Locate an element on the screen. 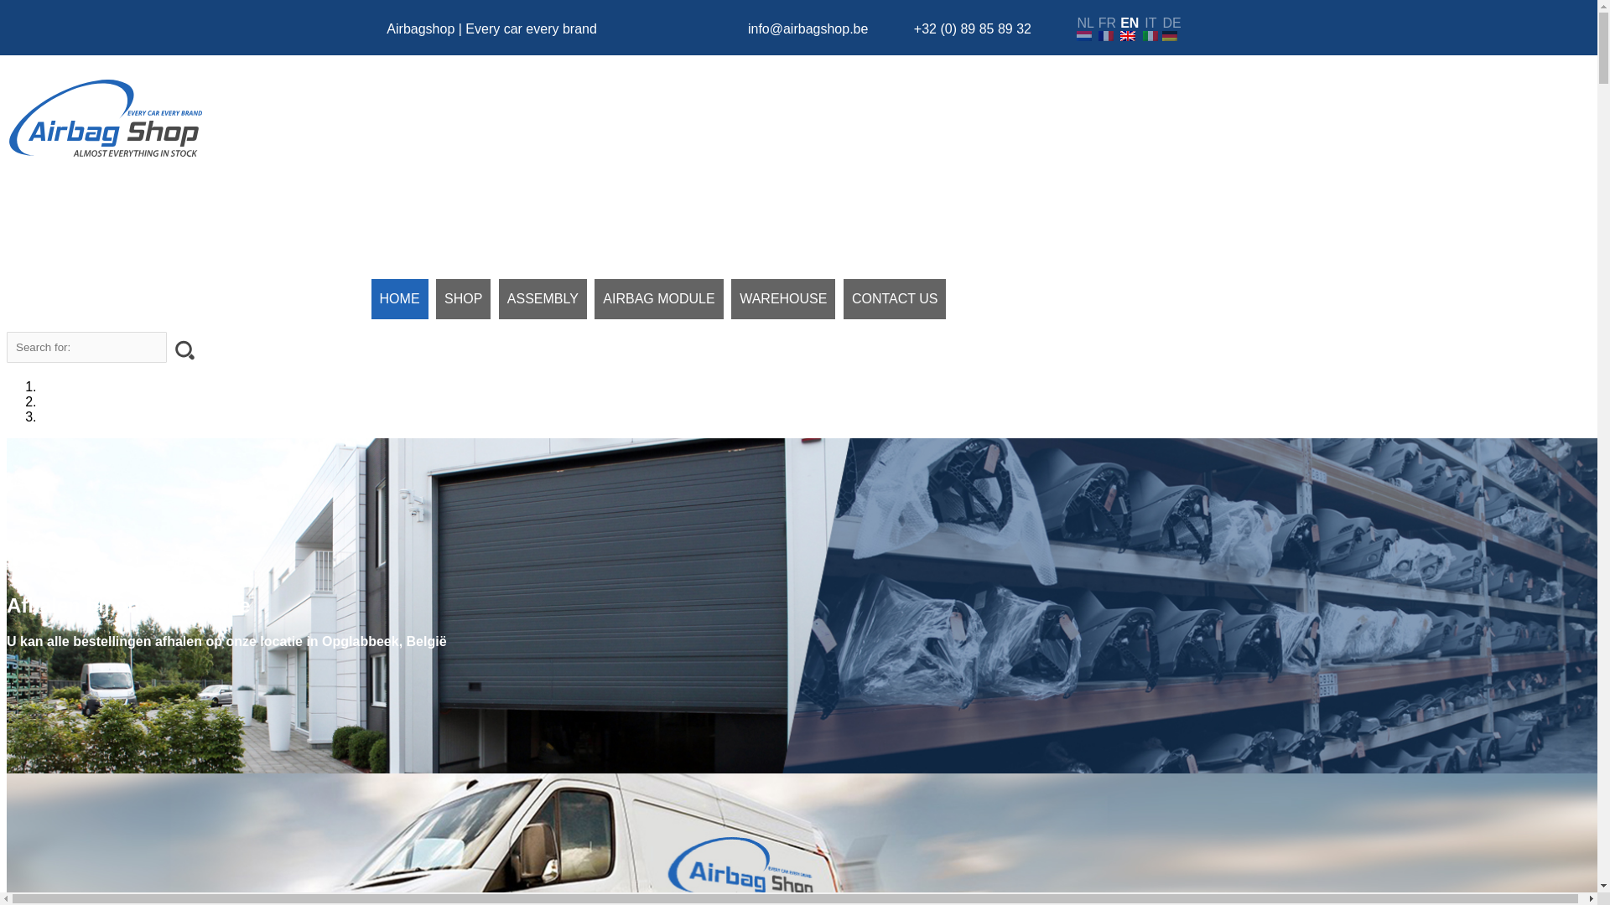 Image resolution: width=1610 pixels, height=905 pixels. 'FR' is located at coordinates (1098, 28).